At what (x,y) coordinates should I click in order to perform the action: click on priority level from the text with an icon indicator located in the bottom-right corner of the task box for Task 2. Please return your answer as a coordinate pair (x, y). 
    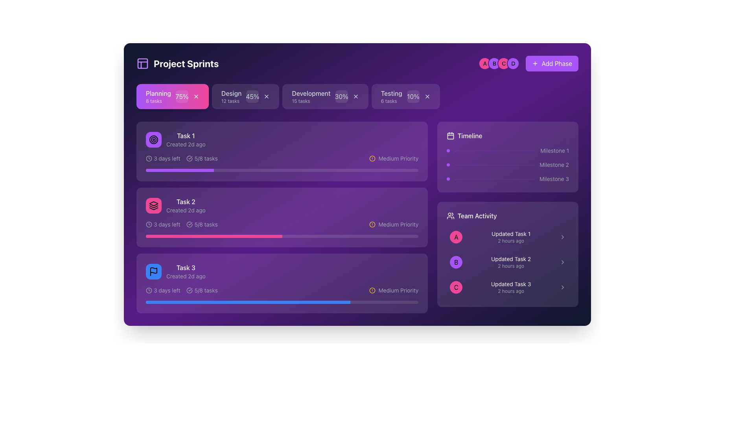
    Looking at the image, I should click on (394, 224).